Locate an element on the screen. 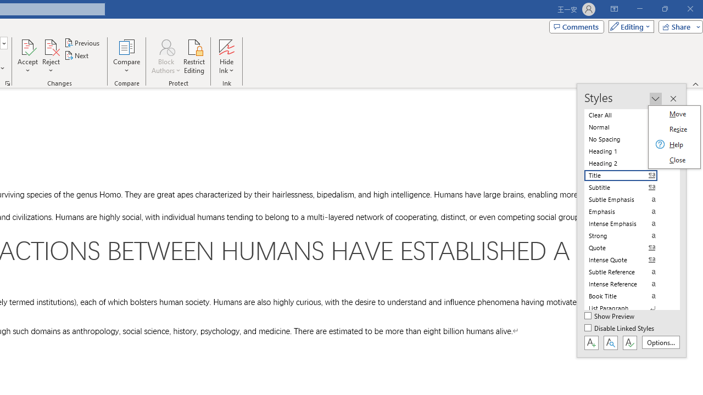 The image size is (703, 395). 'Book Title' is located at coordinates (627, 296).